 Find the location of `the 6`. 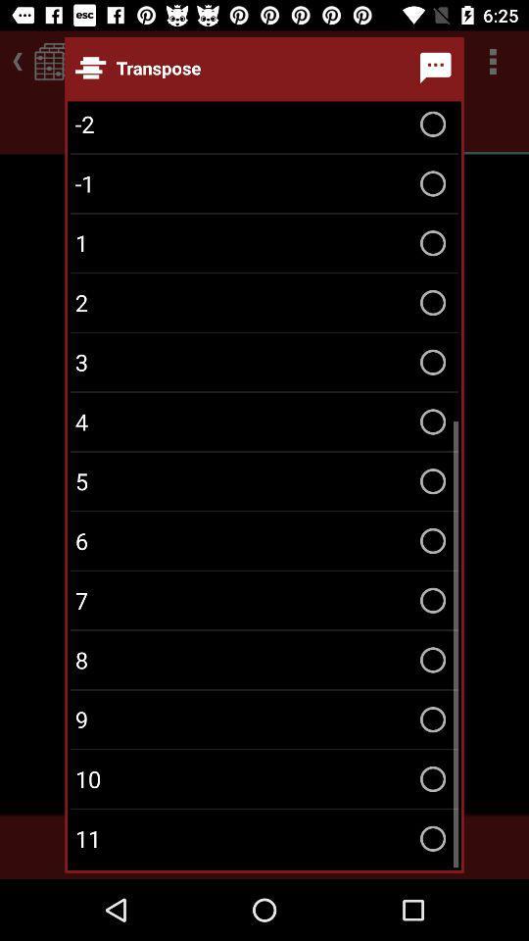

the 6 is located at coordinates (264, 541).